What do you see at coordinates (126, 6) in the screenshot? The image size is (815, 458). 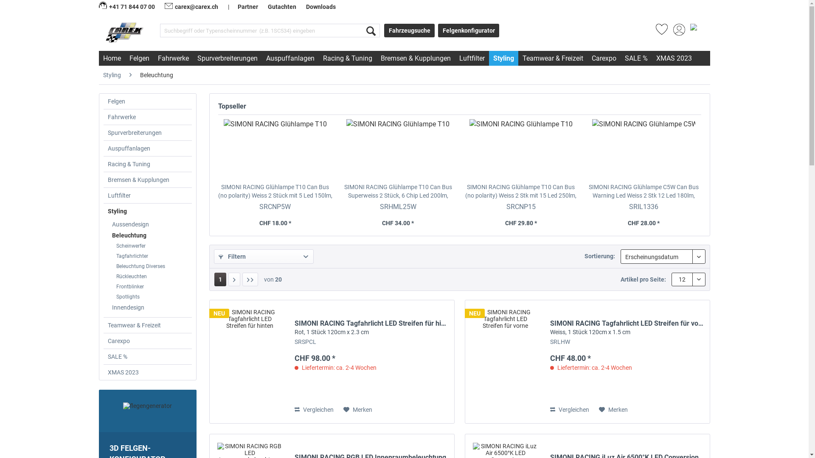 I see `'+41 71 844 07 00'` at bounding box center [126, 6].